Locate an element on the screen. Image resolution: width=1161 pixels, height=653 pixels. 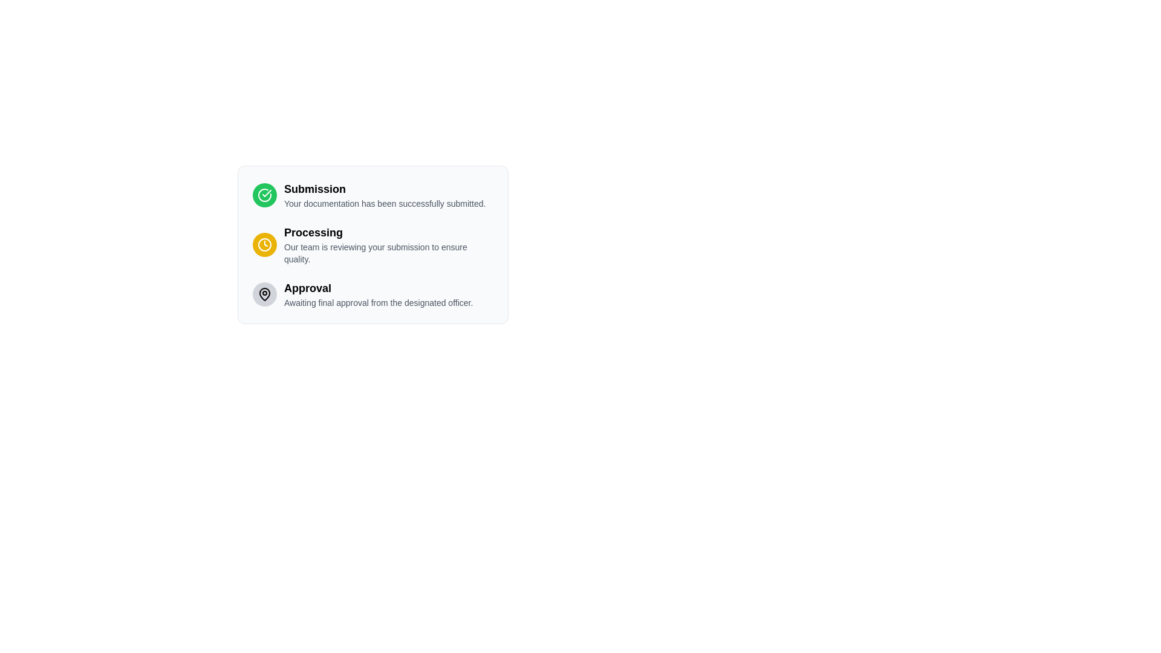
success message text block that informs the user about the successful submission of their documentation, which is positioned at the top of the status indicators list, to the right of a green circular icon with a white checkmark is located at coordinates (384, 195).